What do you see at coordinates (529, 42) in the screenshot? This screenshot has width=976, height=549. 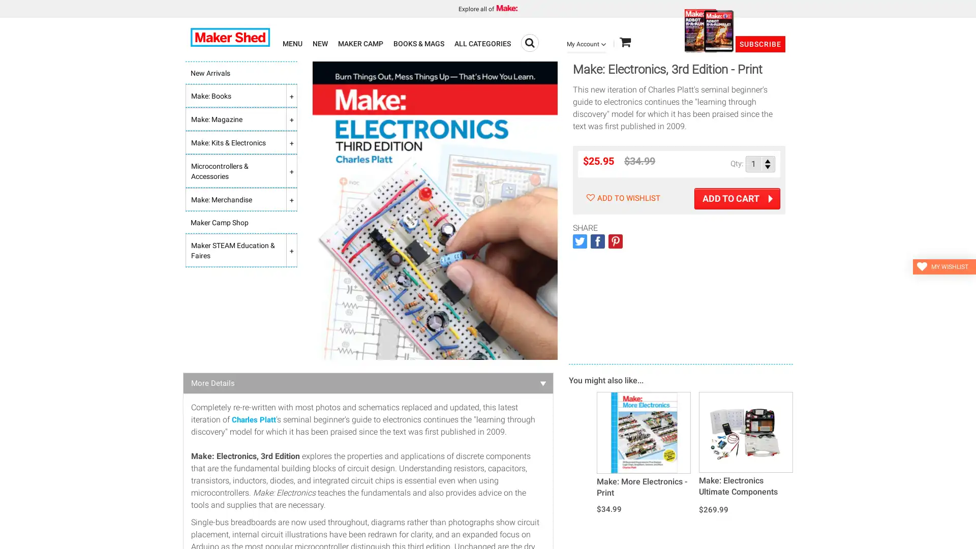 I see `GO` at bounding box center [529, 42].